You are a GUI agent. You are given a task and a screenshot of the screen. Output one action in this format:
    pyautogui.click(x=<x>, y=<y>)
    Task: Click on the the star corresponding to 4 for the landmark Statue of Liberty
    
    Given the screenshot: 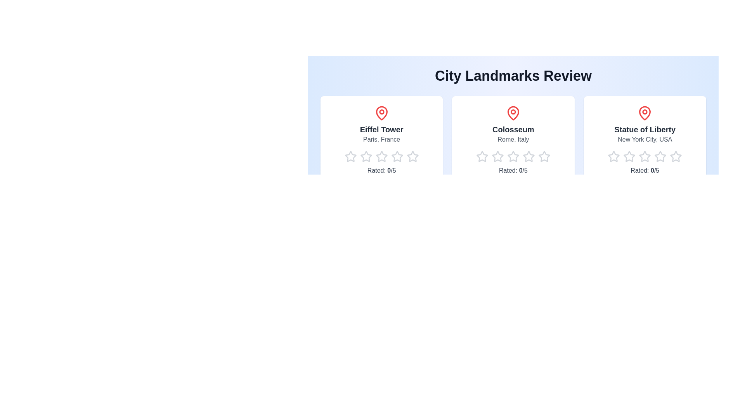 What is the action you would take?
    pyautogui.click(x=654, y=157)
    